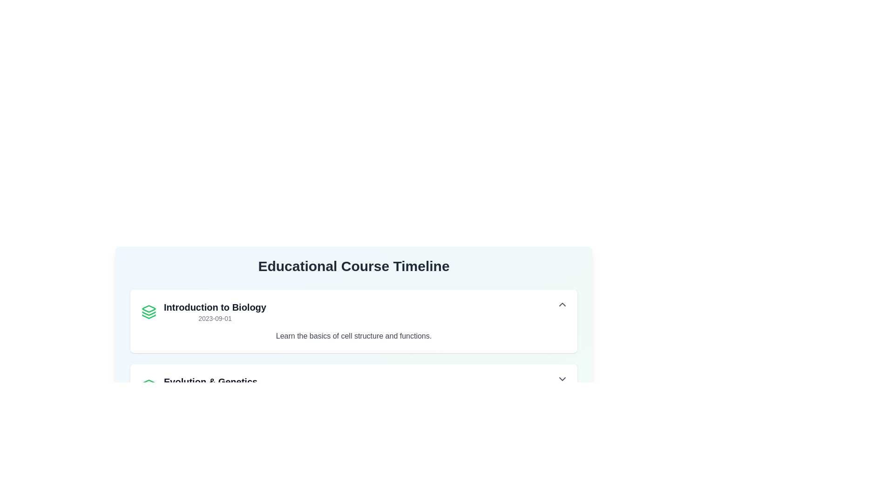  I want to click on details of the layered structure icon located in the top-left quadrant of the card labeled 'Introduction to Biology', so click(149, 383).